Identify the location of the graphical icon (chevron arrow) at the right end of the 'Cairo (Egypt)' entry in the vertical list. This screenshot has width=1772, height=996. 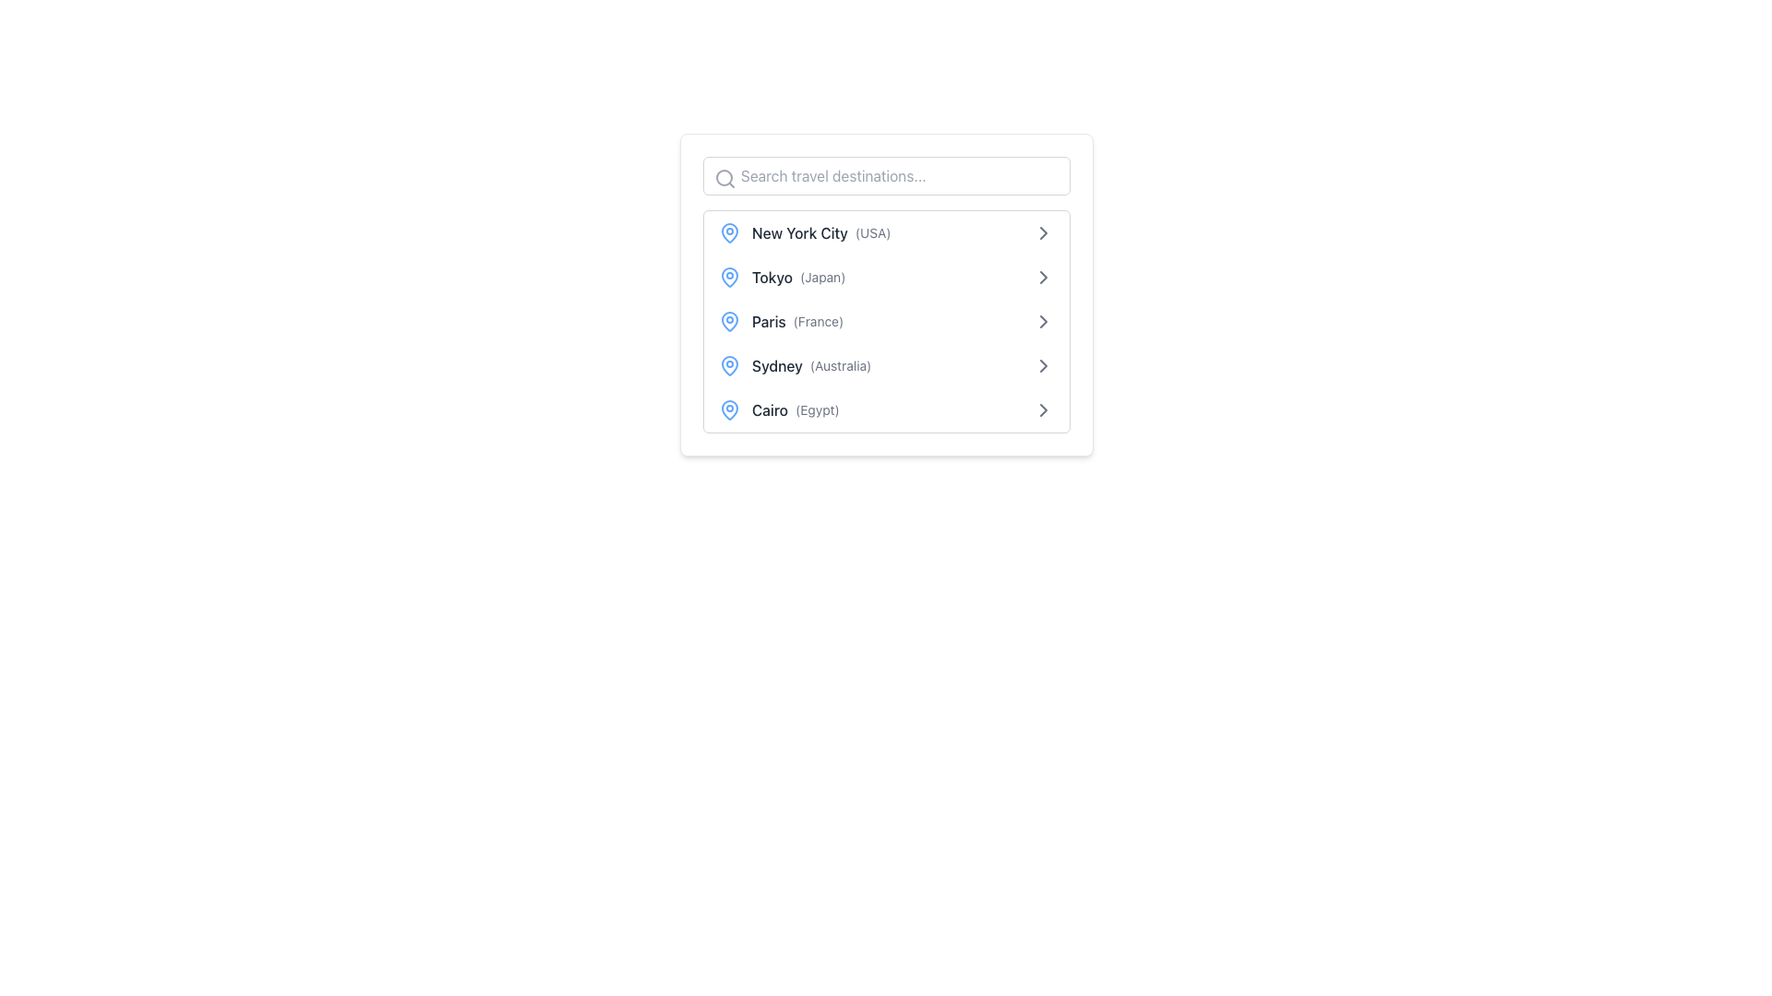
(1044, 409).